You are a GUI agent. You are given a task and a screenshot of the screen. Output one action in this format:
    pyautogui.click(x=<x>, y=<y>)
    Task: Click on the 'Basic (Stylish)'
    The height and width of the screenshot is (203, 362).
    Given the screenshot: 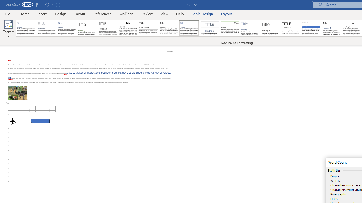 What is the action you would take?
    pyautogui.click(x=87, y=28)
    